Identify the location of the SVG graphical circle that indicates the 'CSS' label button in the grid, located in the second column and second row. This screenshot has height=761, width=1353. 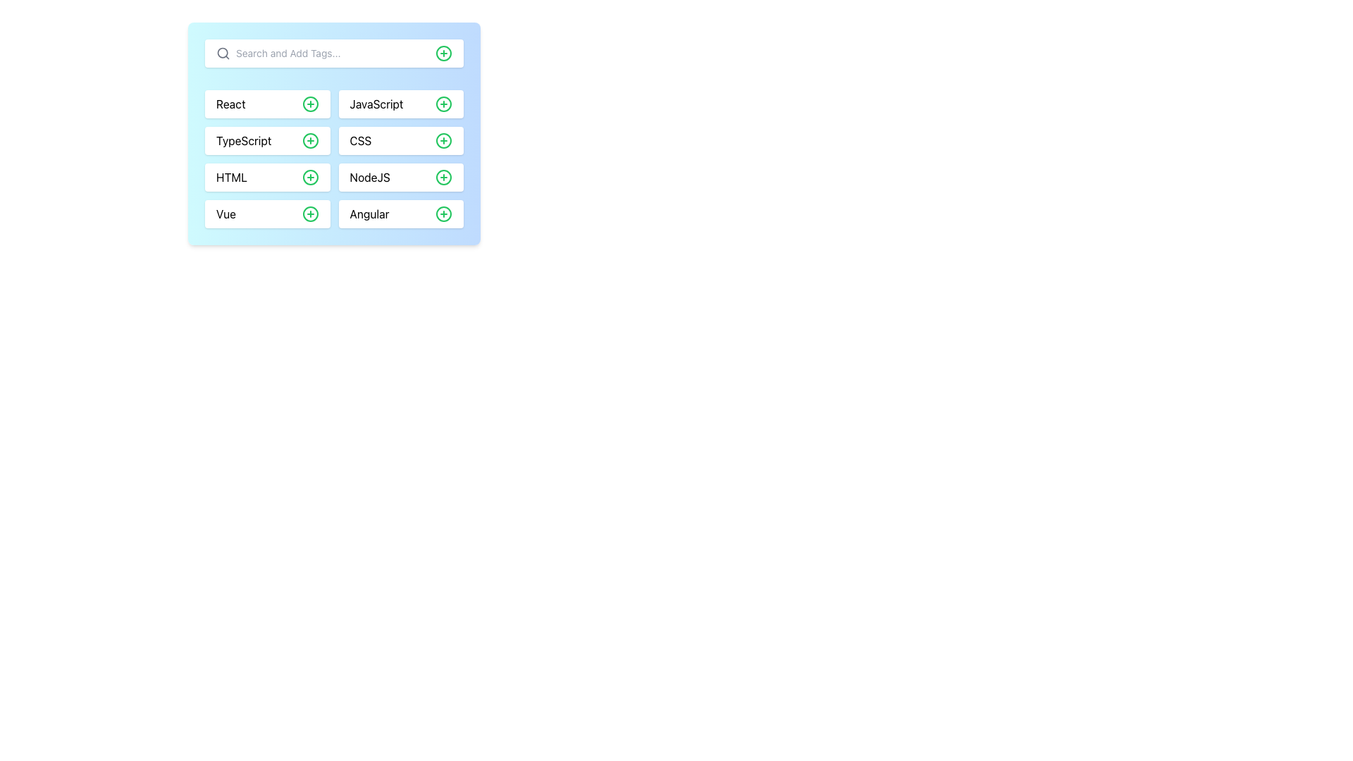
(443, 141).